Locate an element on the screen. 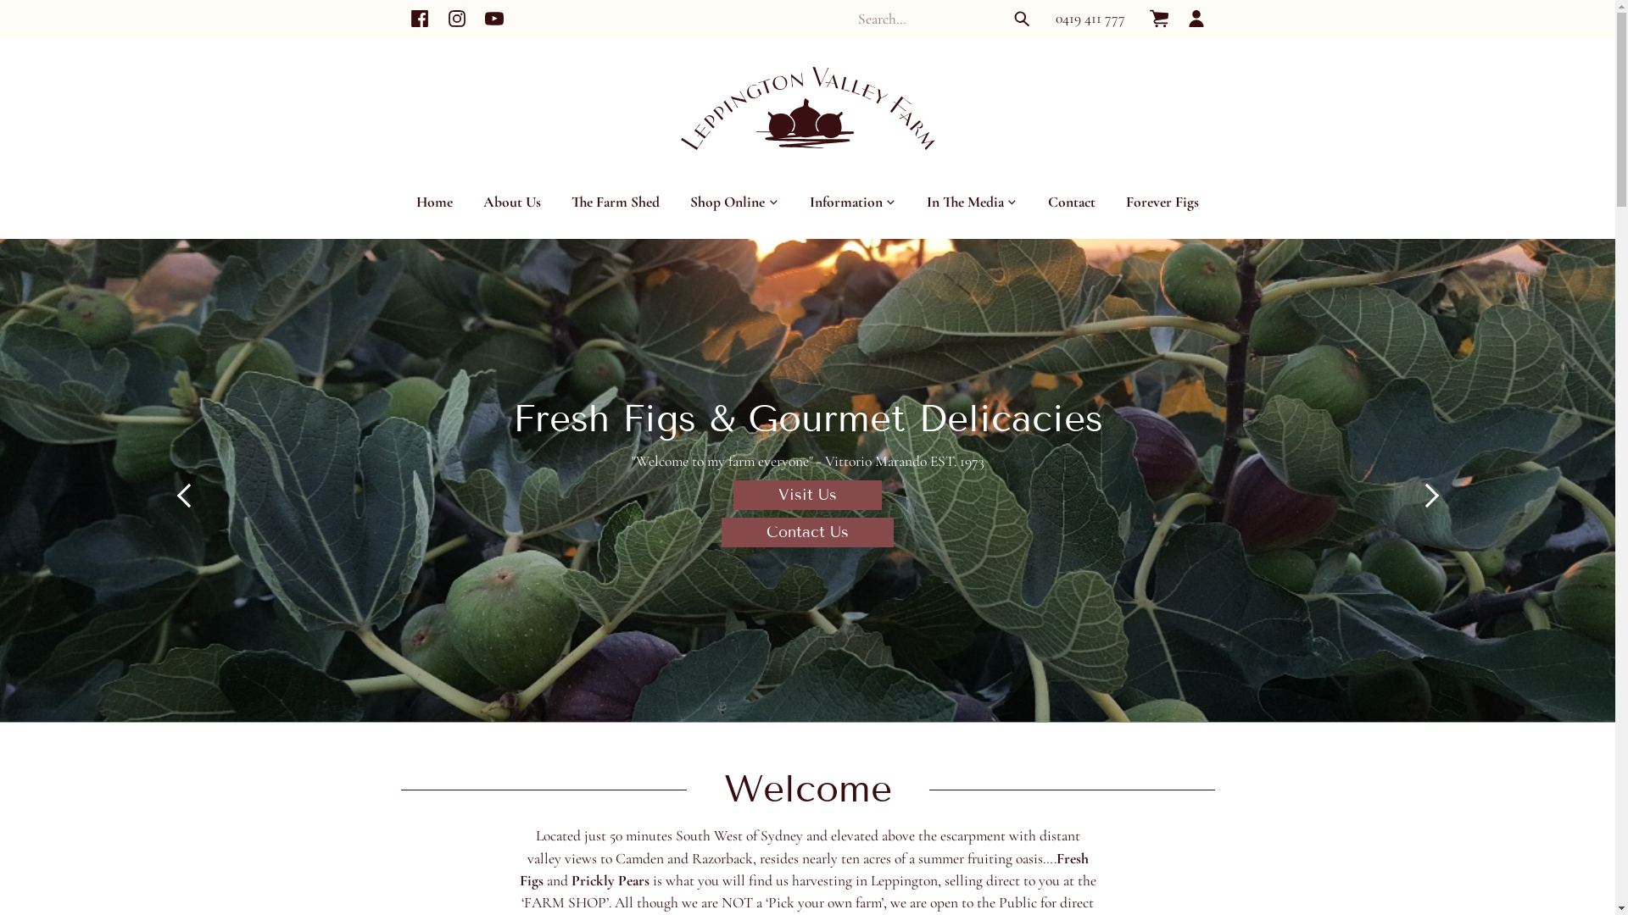 Image resolution: width=1628 pixels, height=915 pixels. 'Search' is located at coordinates (1020, 19).